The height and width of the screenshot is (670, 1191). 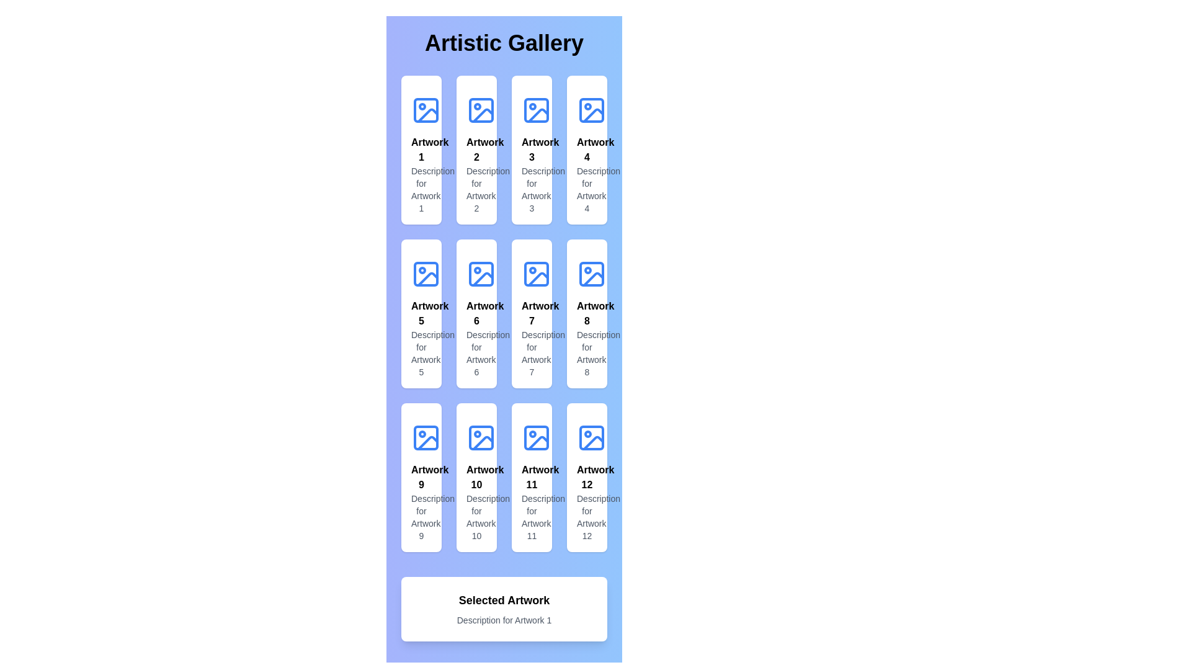 What do you see at coordinates (536, 109) in the screenshot?
I see `the Image placeholder icon located at the top center of the card labeled 'Artwork 3' in the gallery layout` at bounding box center [536, 109].